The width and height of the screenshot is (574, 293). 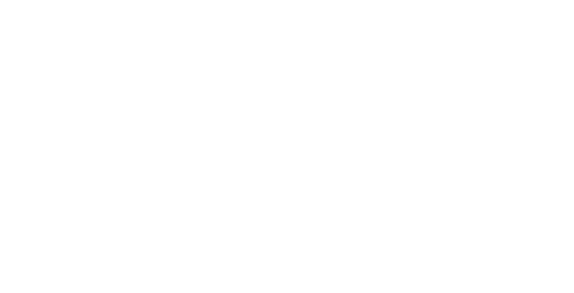 What do you see at coordinates (505, 136) in the screenshot?
I see `'Faculty & Staff (EID Login)'` at bounding box center [505, 136].